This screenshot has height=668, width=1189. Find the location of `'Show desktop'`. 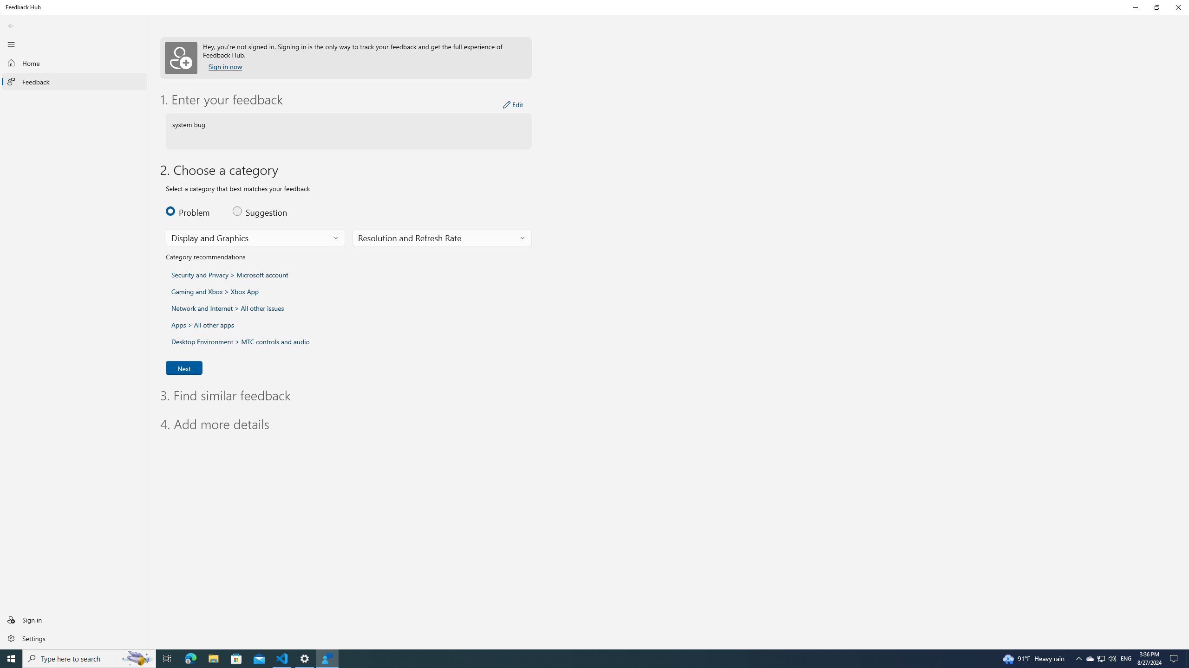

'Show desktop' is located at coordinates (1187, 658).